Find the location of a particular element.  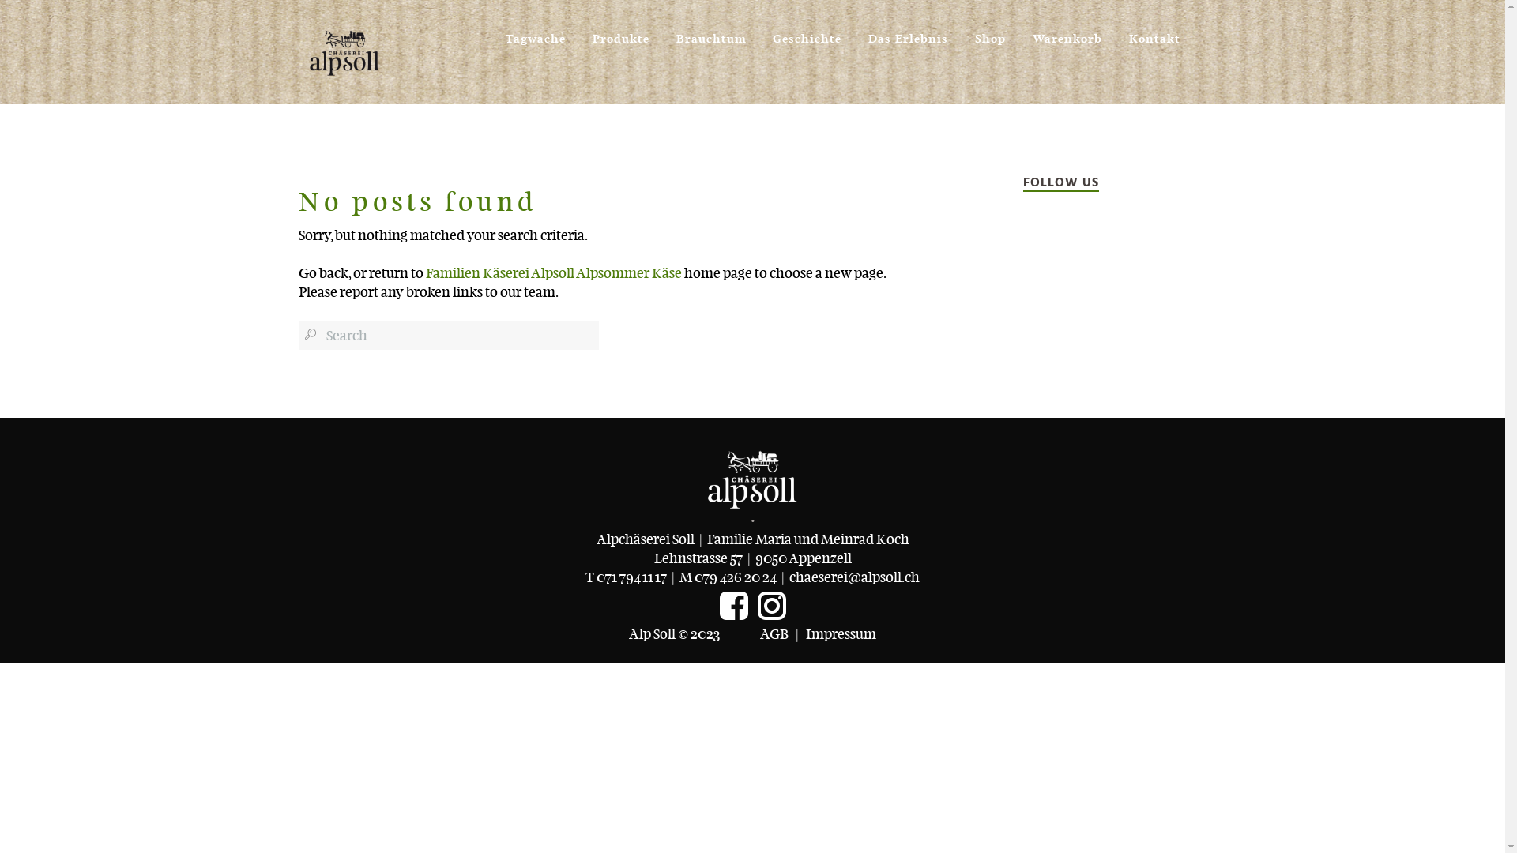

'Das Erlebnis' is located at coordinates (868, 32).